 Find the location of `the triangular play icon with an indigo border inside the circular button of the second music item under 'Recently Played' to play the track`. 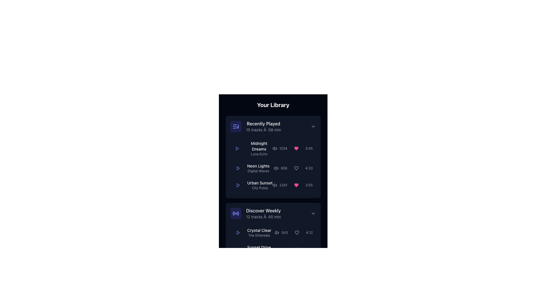

the triangular play icon with an indigo border inside the circular button of the second music item under 'Recently Played' to play the track is located at coordinates (238, 168).